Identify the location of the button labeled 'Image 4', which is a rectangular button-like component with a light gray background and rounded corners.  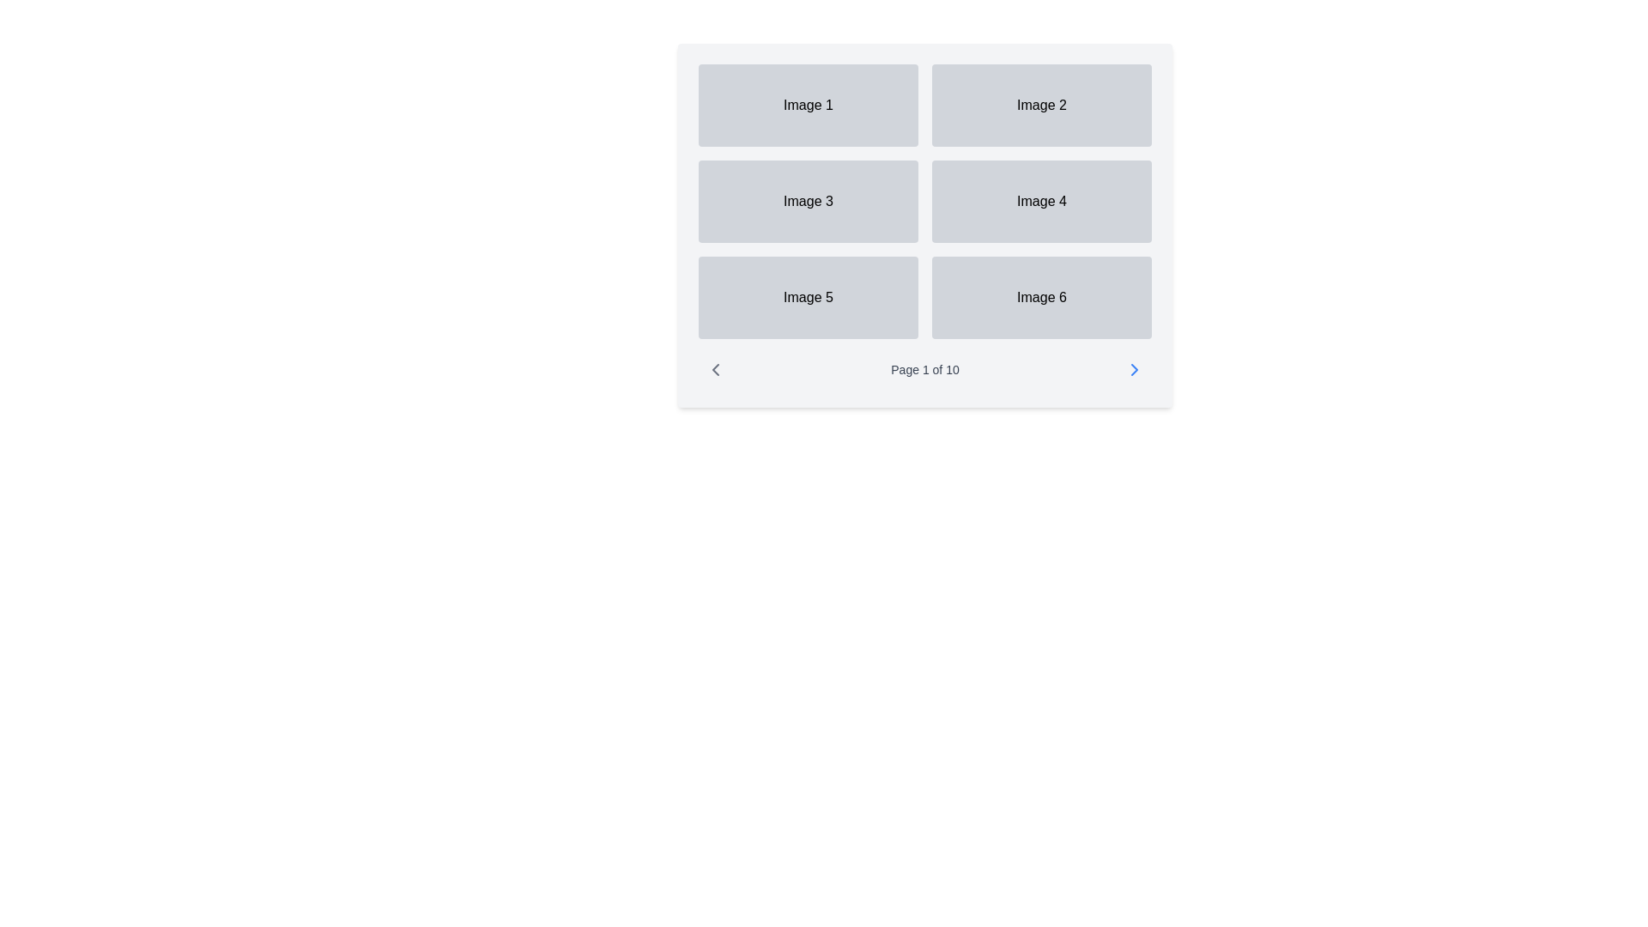
(1041, 201).